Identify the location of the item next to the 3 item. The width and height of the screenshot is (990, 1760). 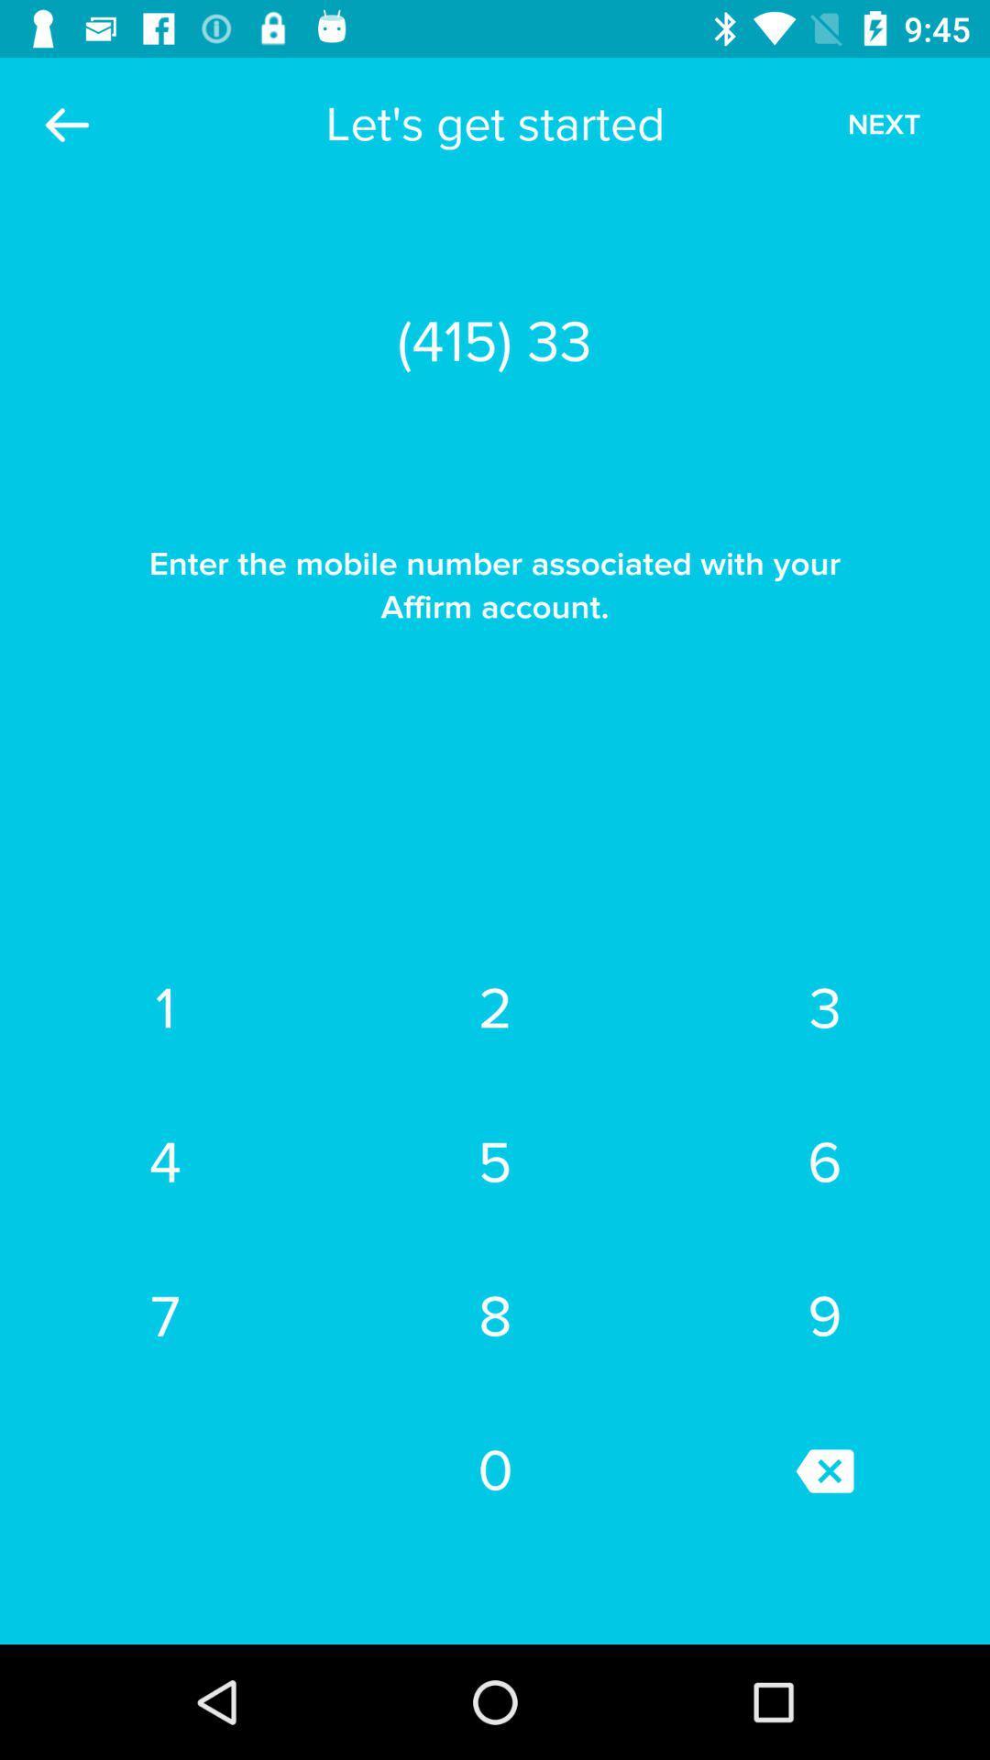
(495, 1007).